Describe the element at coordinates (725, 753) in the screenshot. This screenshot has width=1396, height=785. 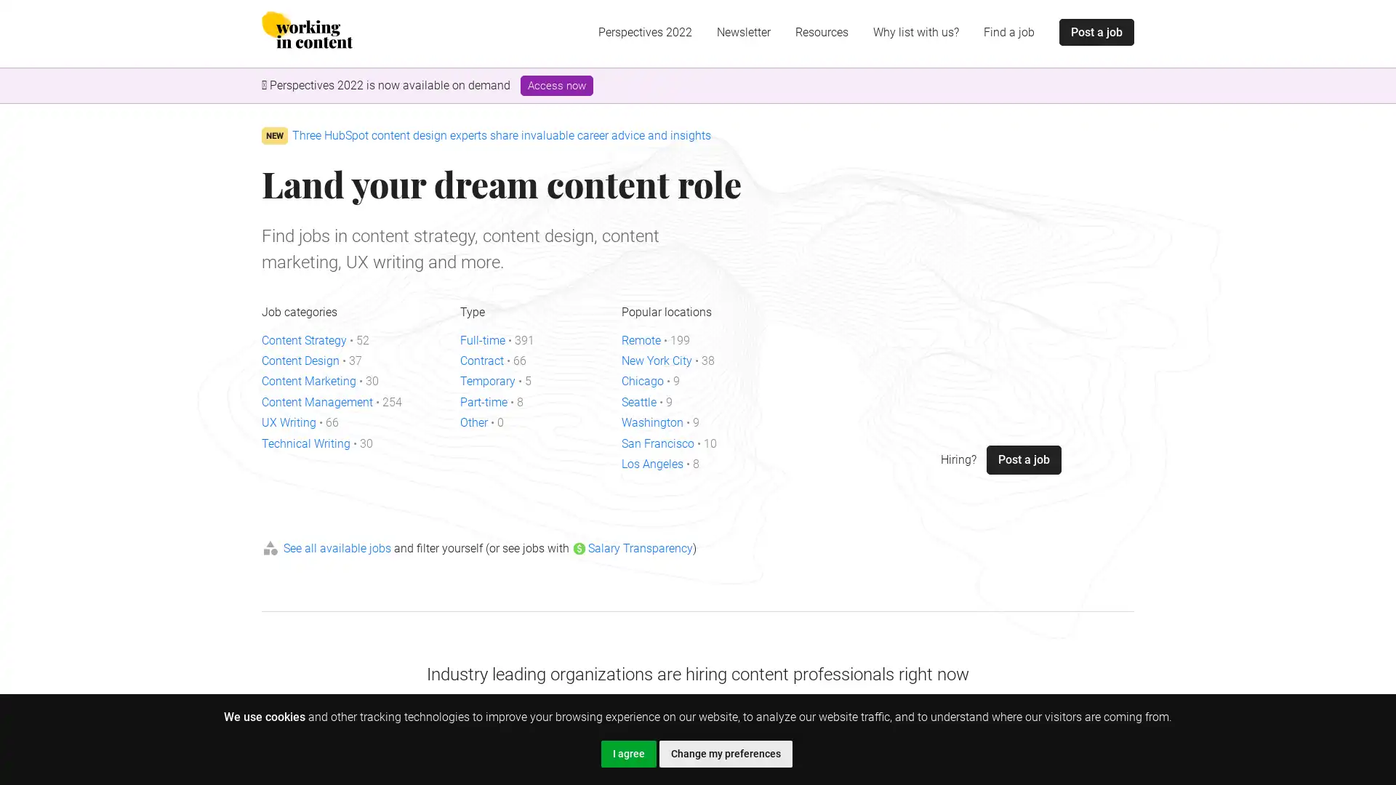
I see `Change my preferences` at that location.